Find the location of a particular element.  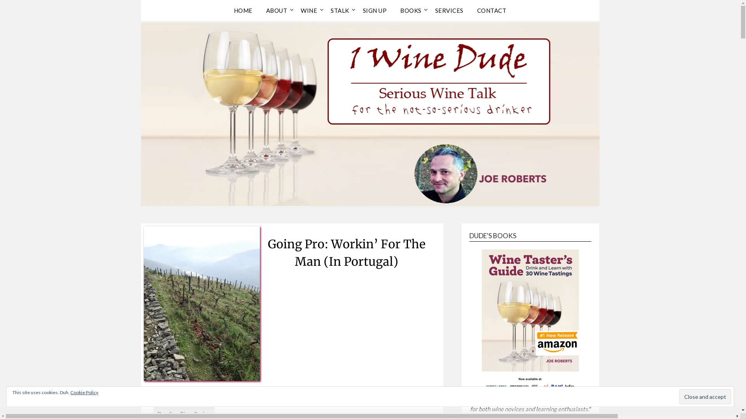

'Cookie Policy' is located at coordinates (84, 392).